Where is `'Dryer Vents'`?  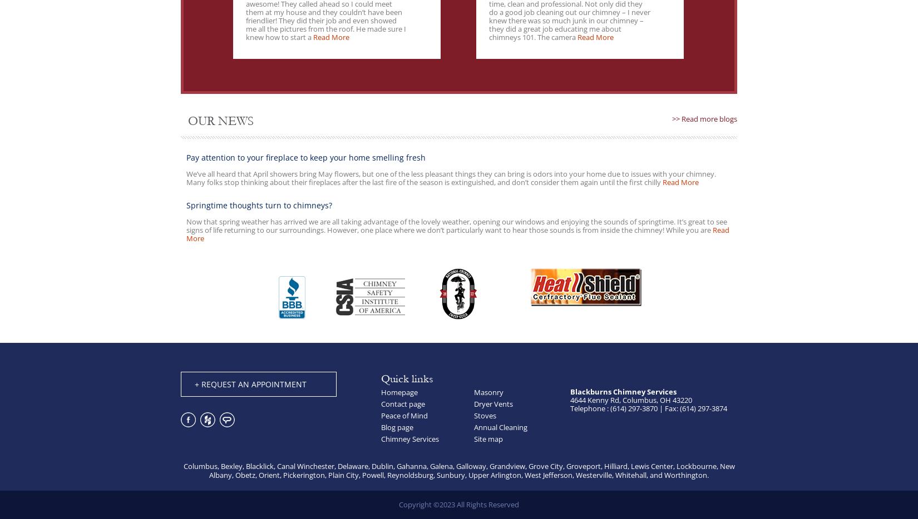 'Dryer Vents' is located at coordinates (493, 404).